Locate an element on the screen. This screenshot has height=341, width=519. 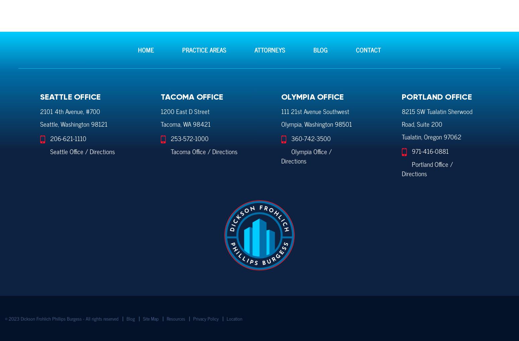
'Resources' is located at coordinates (175, 318).